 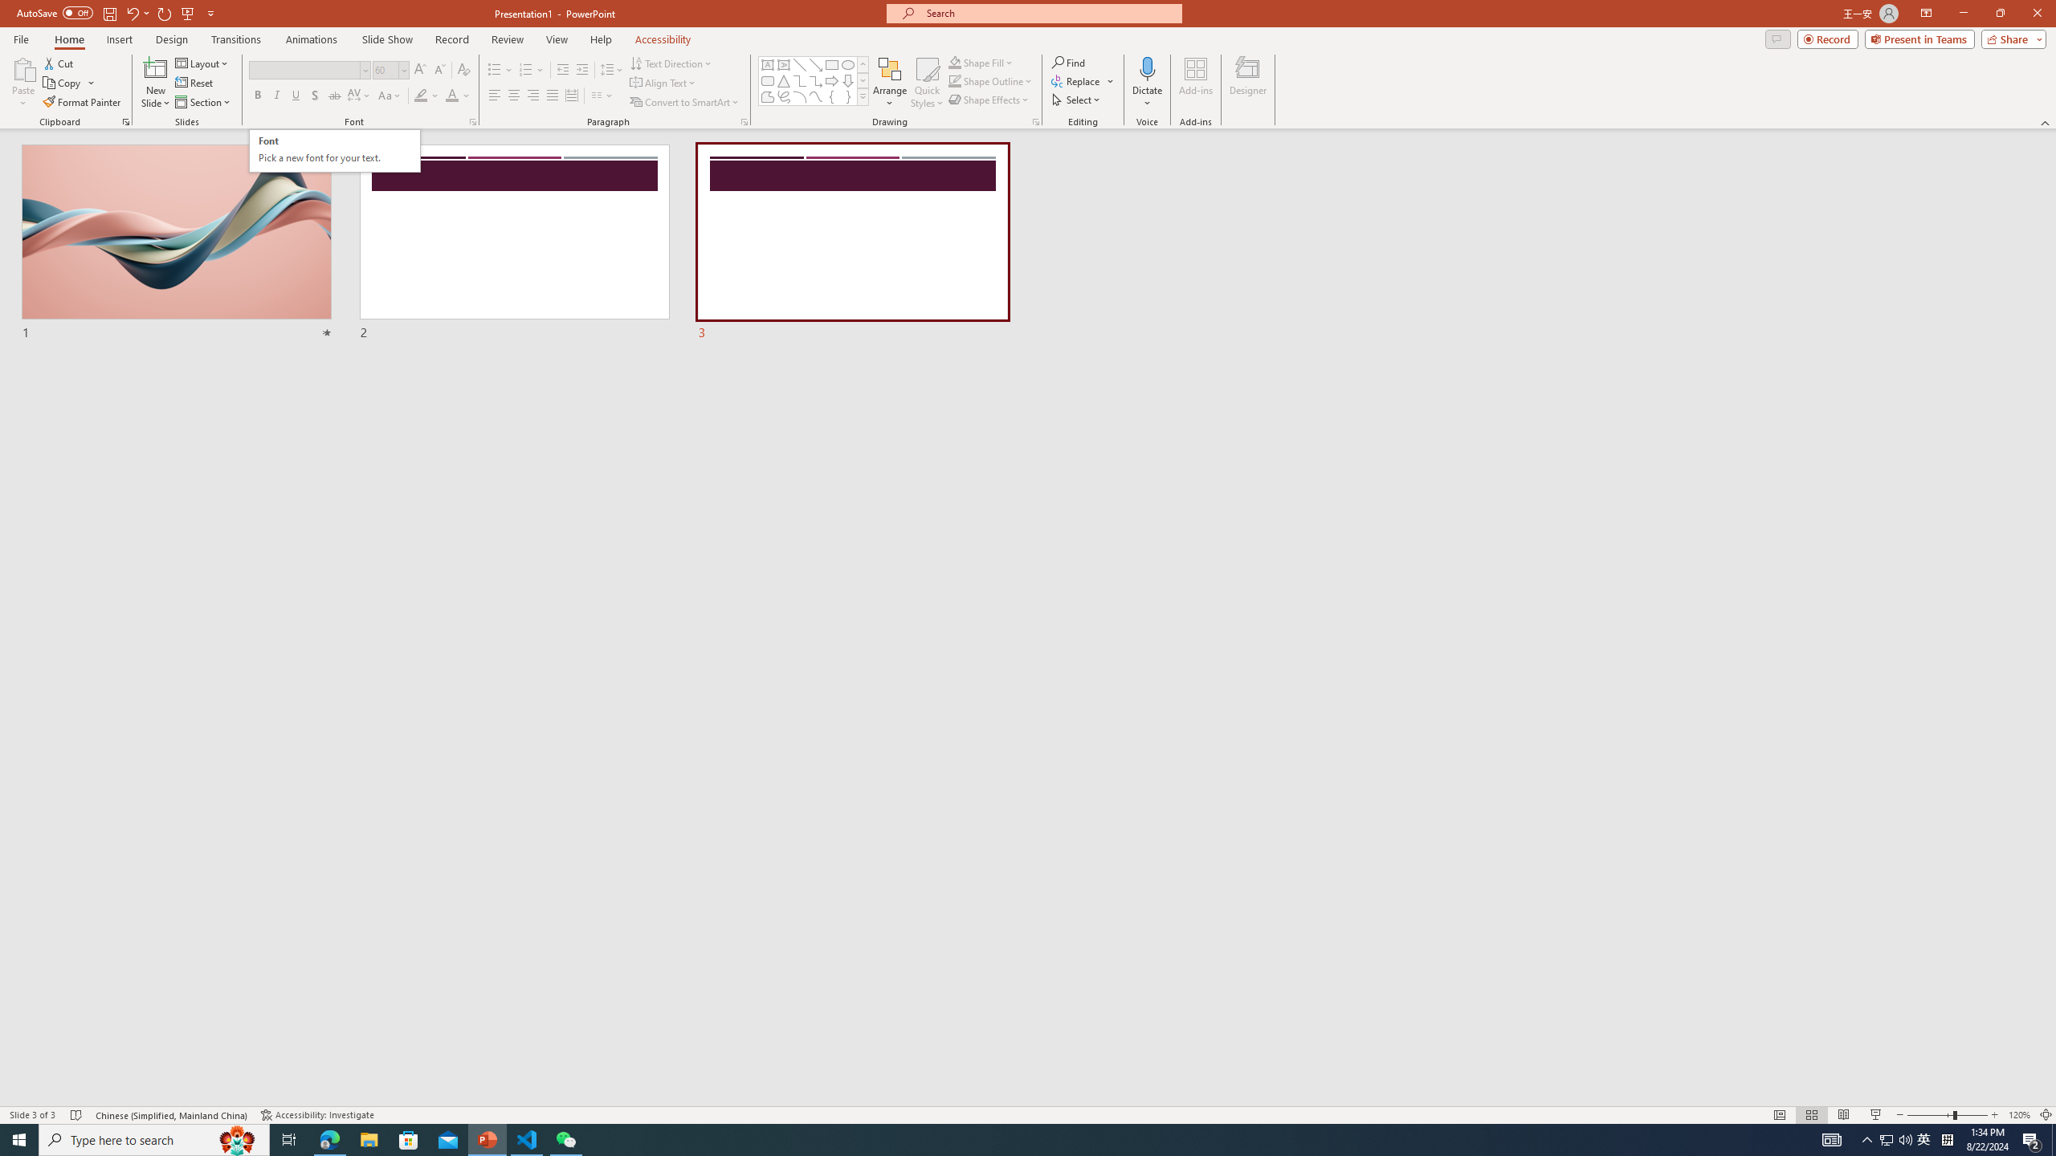 What do you see at coordinates (955, 62) in the screenshot?
I see `'Shape Fill Orange, Accent 2'` at bounding box center [955, 62].